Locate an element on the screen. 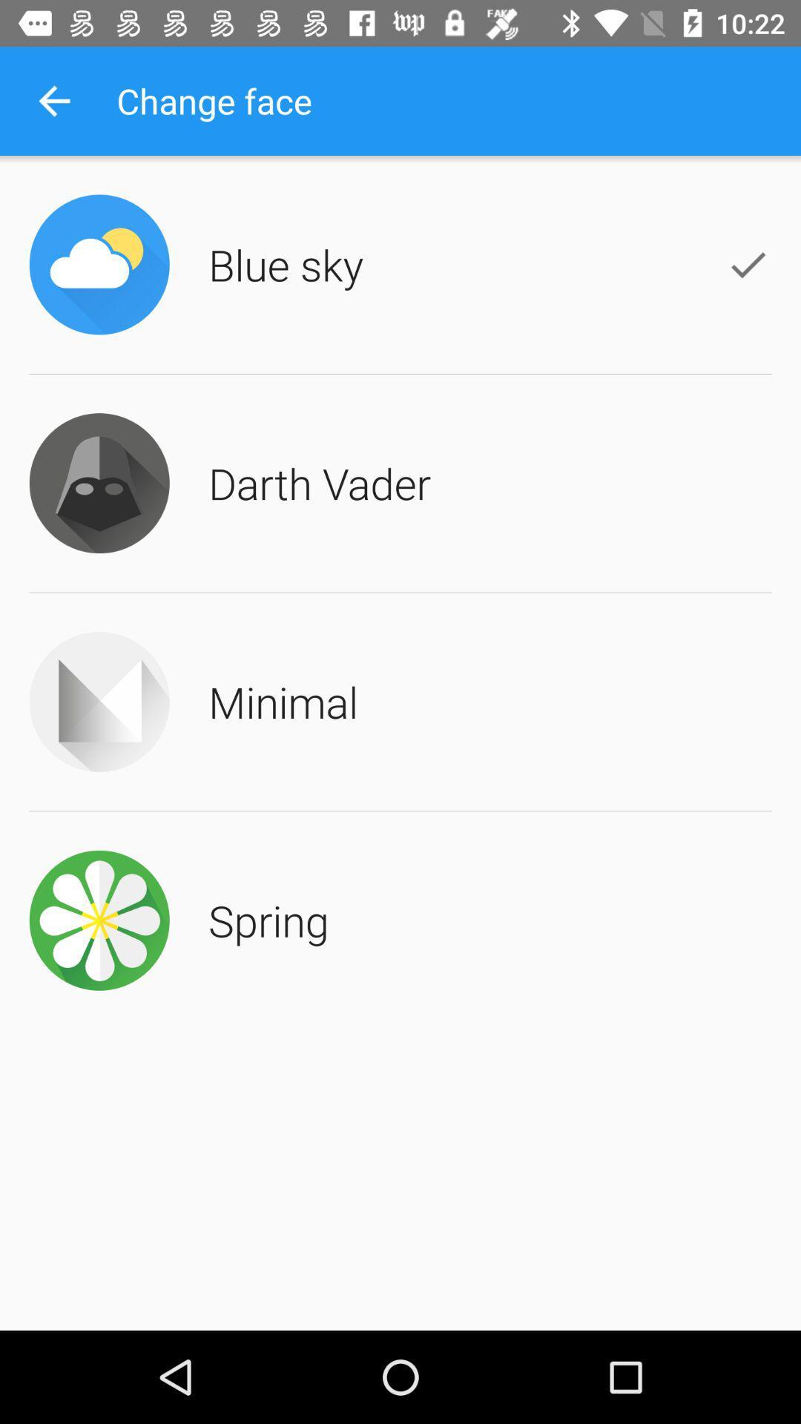  the item below the blue sky is located at coordinates (319, 483).